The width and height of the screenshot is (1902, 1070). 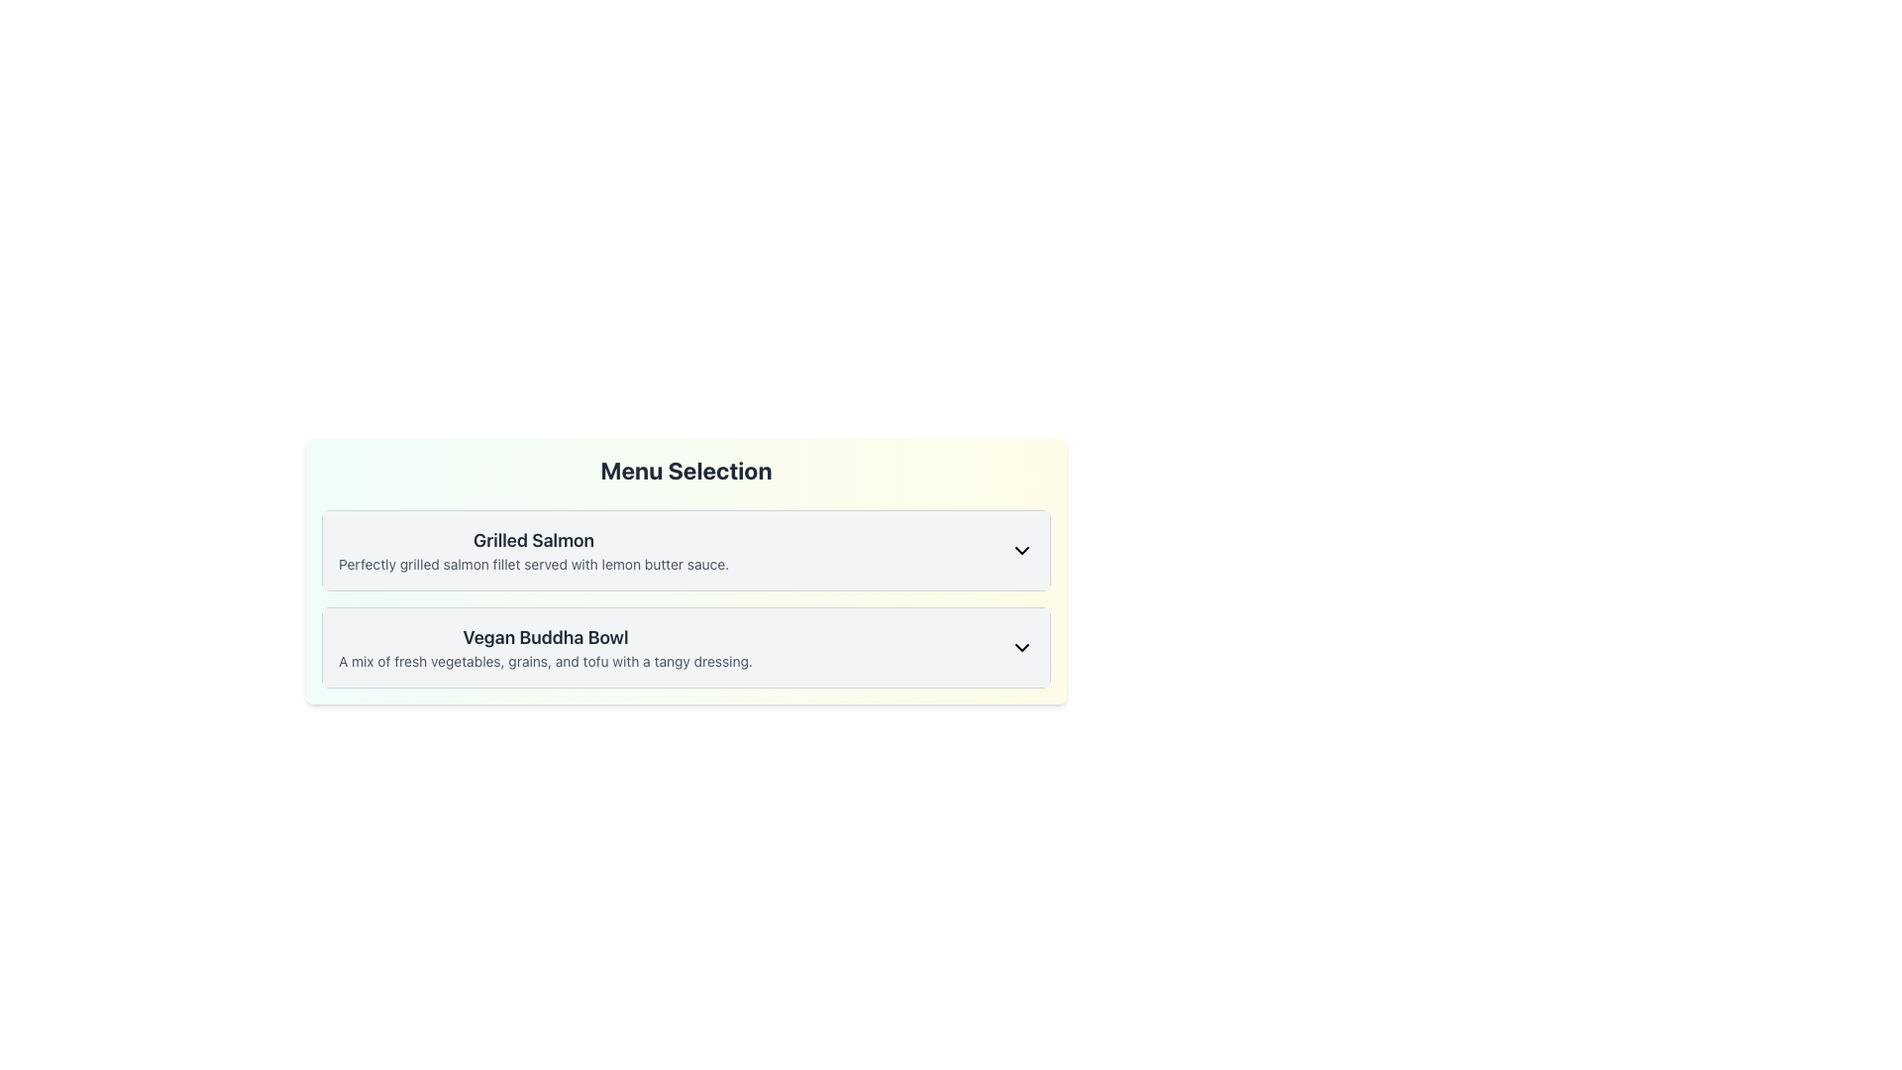 What do you see at coordinates (534, 541) in the screenshot?
I see `the bold, large text label displaying 'Grilled Salmon', which is located centrally under the 'Menu Selection' heading and above another description text` at bounding box center [534, 541].